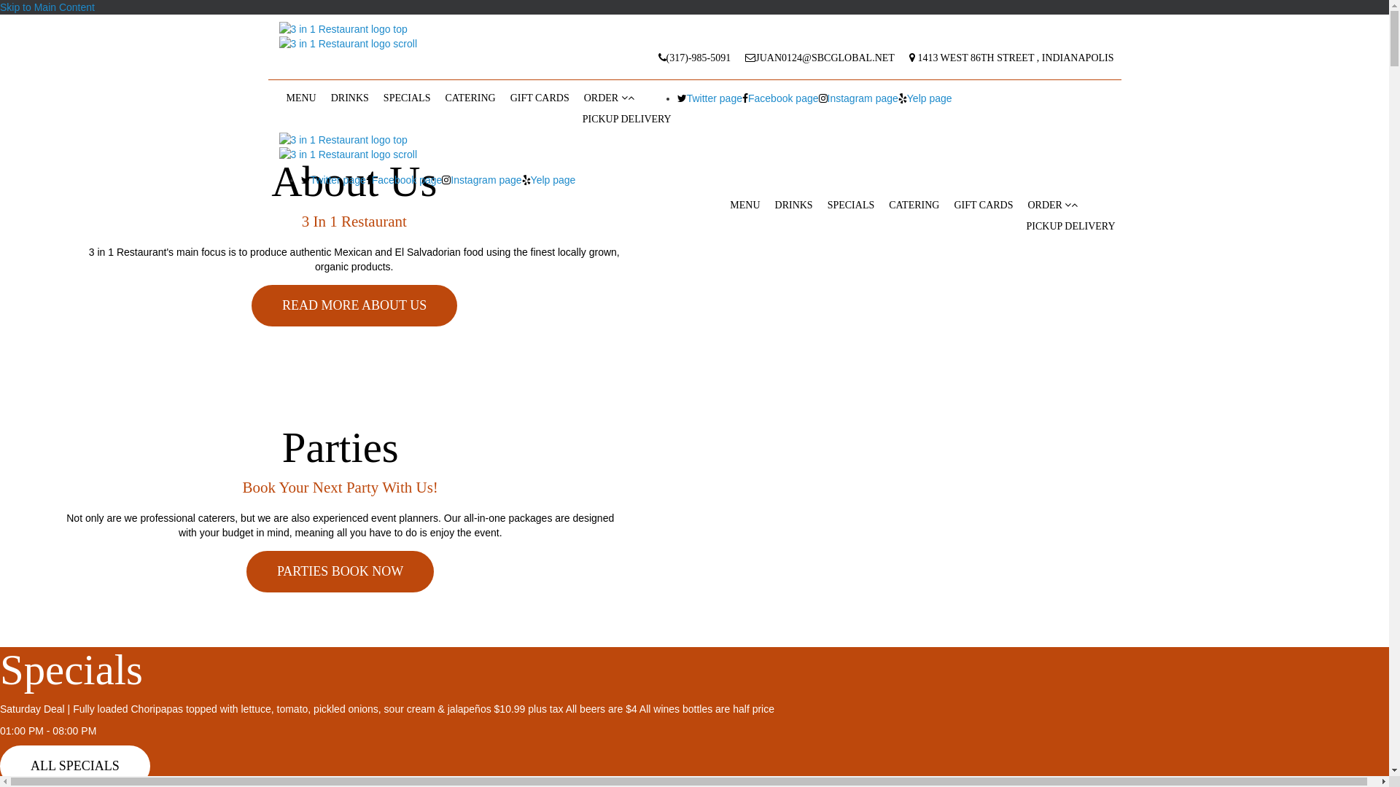 The image size is (1400, 787). Describe the element at coordinates (924, 98) in the screenshot. I see `'Yelp page'` at that location.